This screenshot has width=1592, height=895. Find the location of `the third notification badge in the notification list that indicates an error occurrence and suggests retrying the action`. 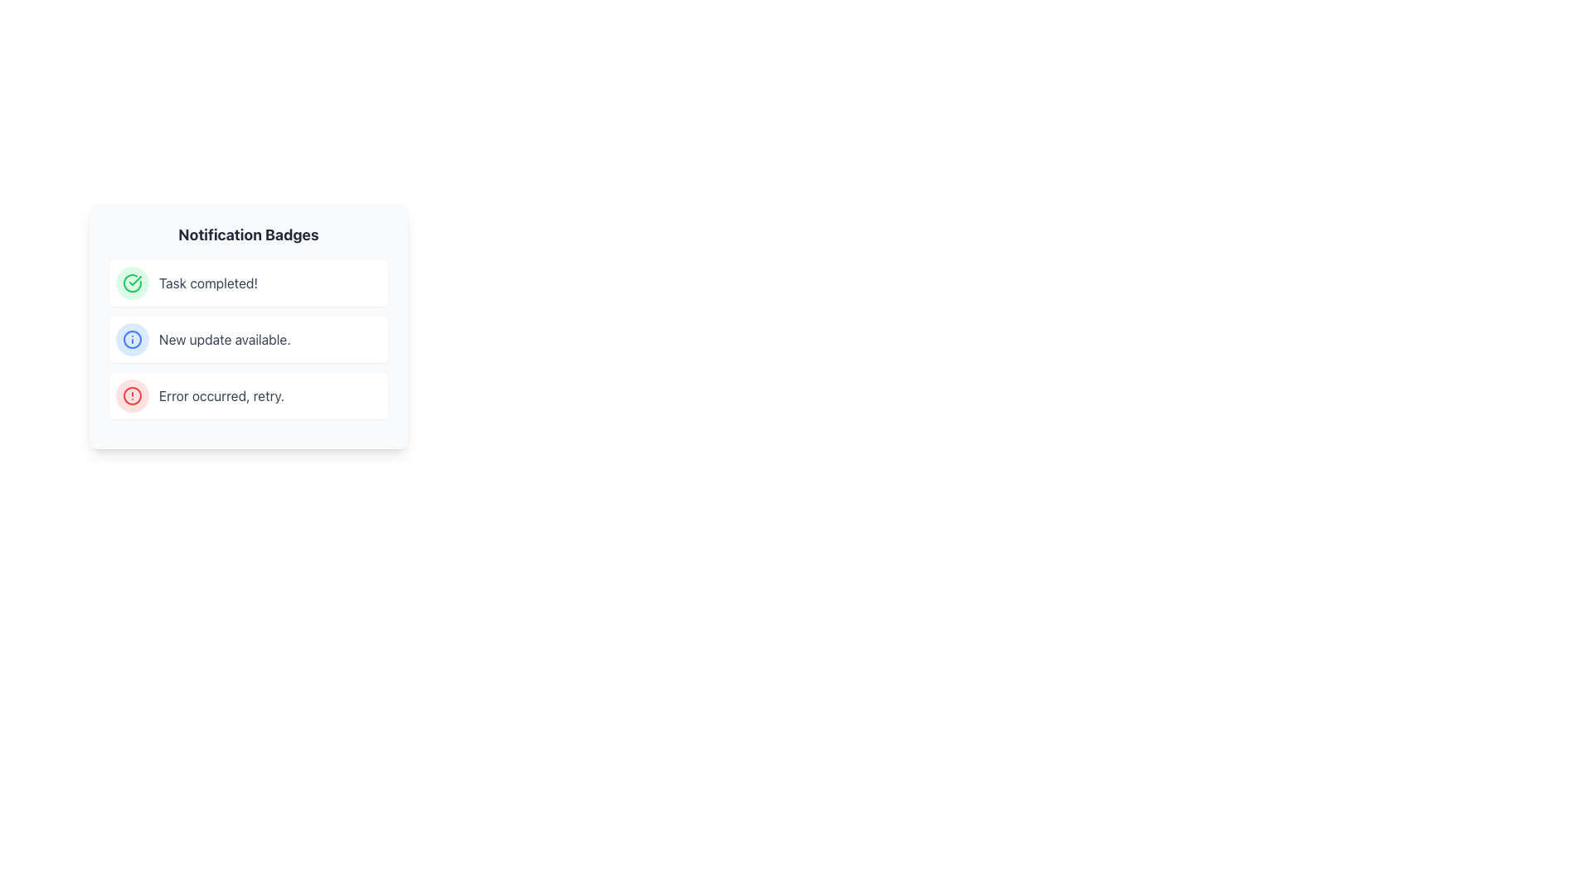

the third notification badge in the notification list that indicates an error occurrence and suggests retrying the action is located at coordinates (247, 396).